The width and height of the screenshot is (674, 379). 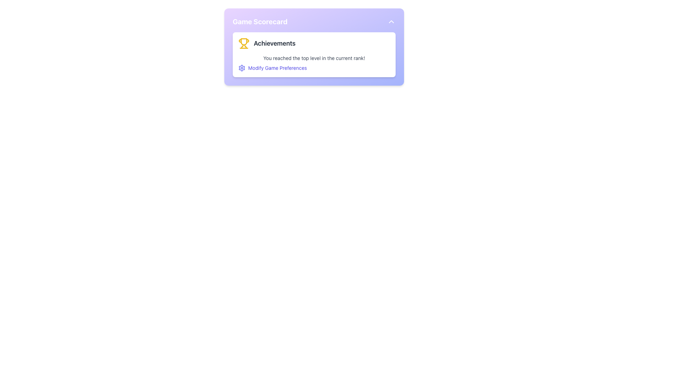 I want to click on the title text indicating user achievements, located to the right of the trophy icon in the 'Game Scorecard' section, so click(x=274, y=43).